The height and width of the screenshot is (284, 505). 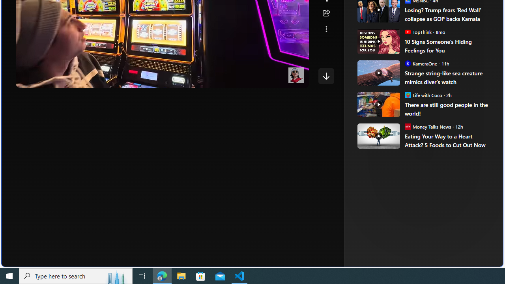 I want to click on 'Life with Coco Life with Coco', so click(x=423, y=94).